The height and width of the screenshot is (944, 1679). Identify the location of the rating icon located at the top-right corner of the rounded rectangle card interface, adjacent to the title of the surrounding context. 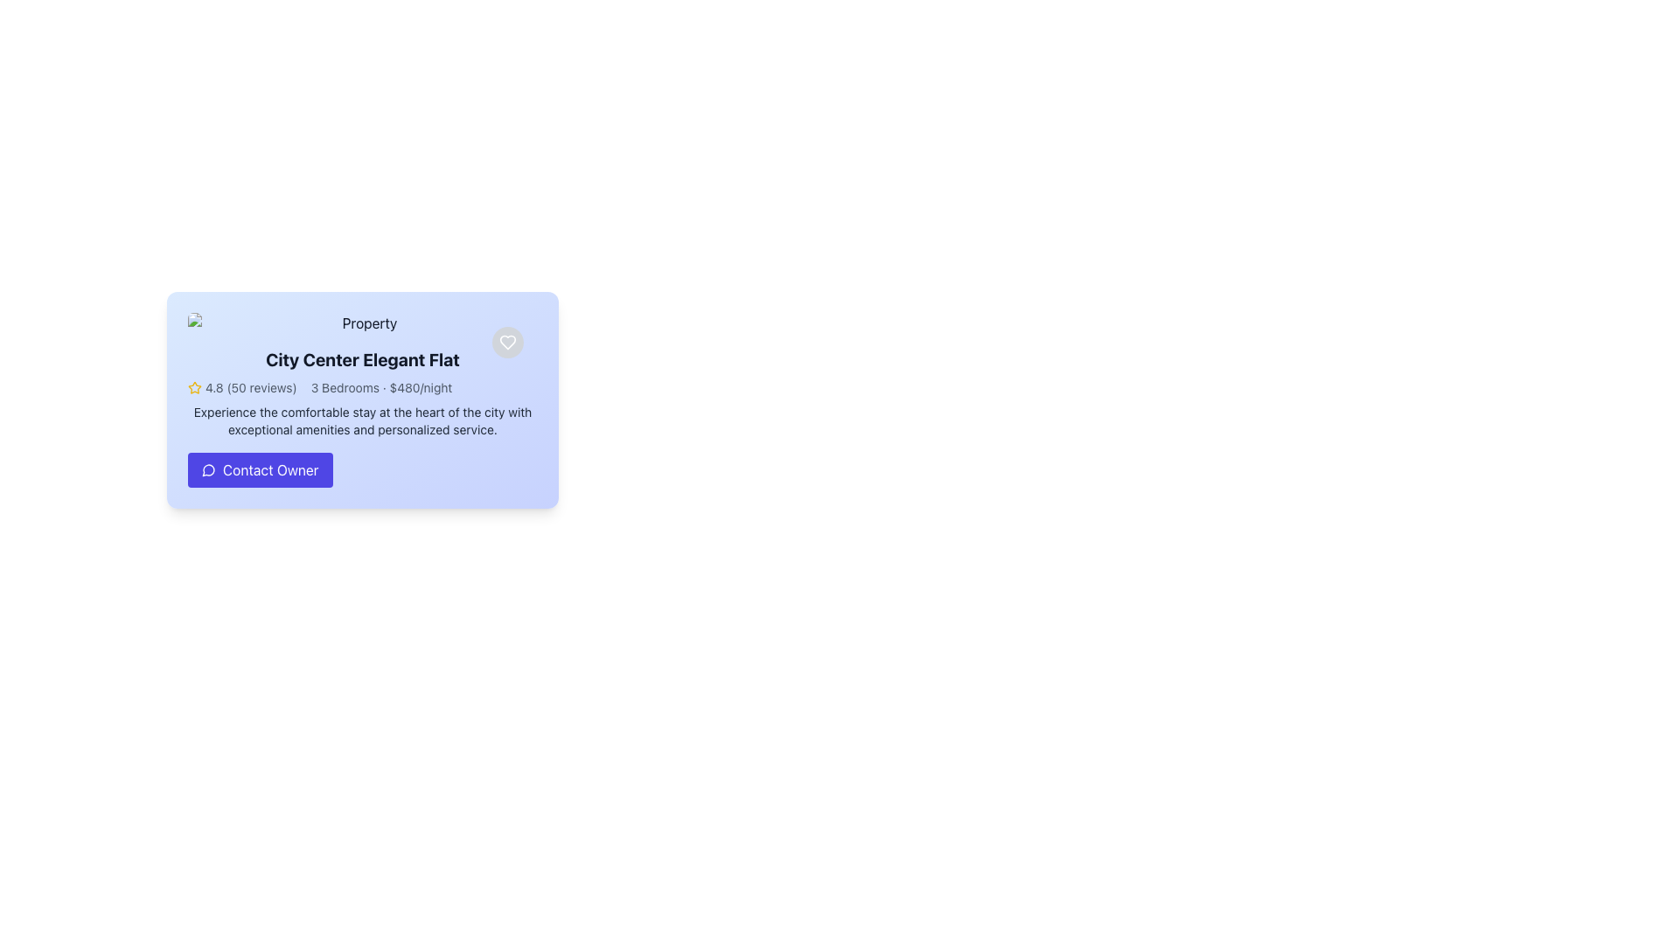
(194, 386).